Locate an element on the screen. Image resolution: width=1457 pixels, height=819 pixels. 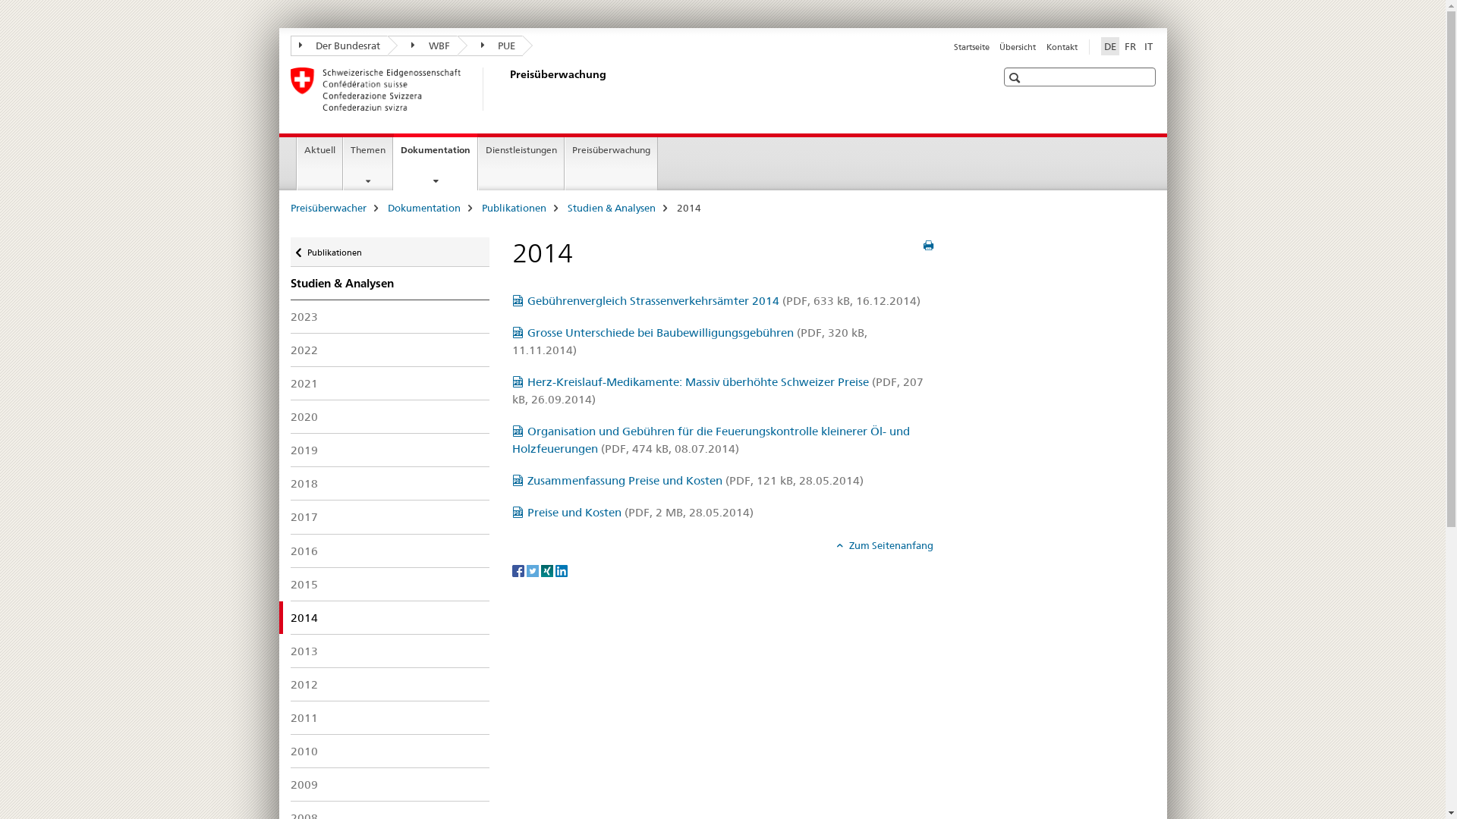
'2009' is located at coordinates (389, 784).